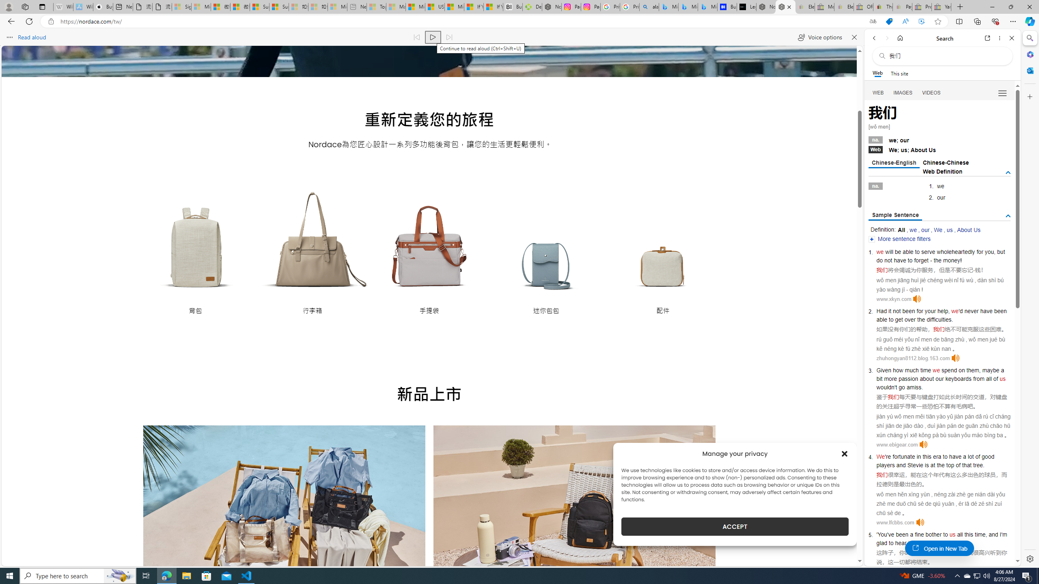 The image size is (1039, 584). I want to click on 'amiss', so click(913, 387).